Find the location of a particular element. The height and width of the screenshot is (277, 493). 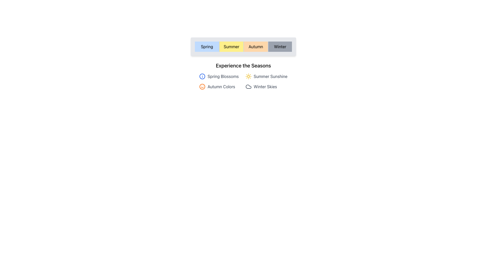

the 'Autumn' button, which is a rectangular button with a light orange background and bold text, positioned between the 'Summer' and 'Winter' buttons is located at coordinates (255, 46).